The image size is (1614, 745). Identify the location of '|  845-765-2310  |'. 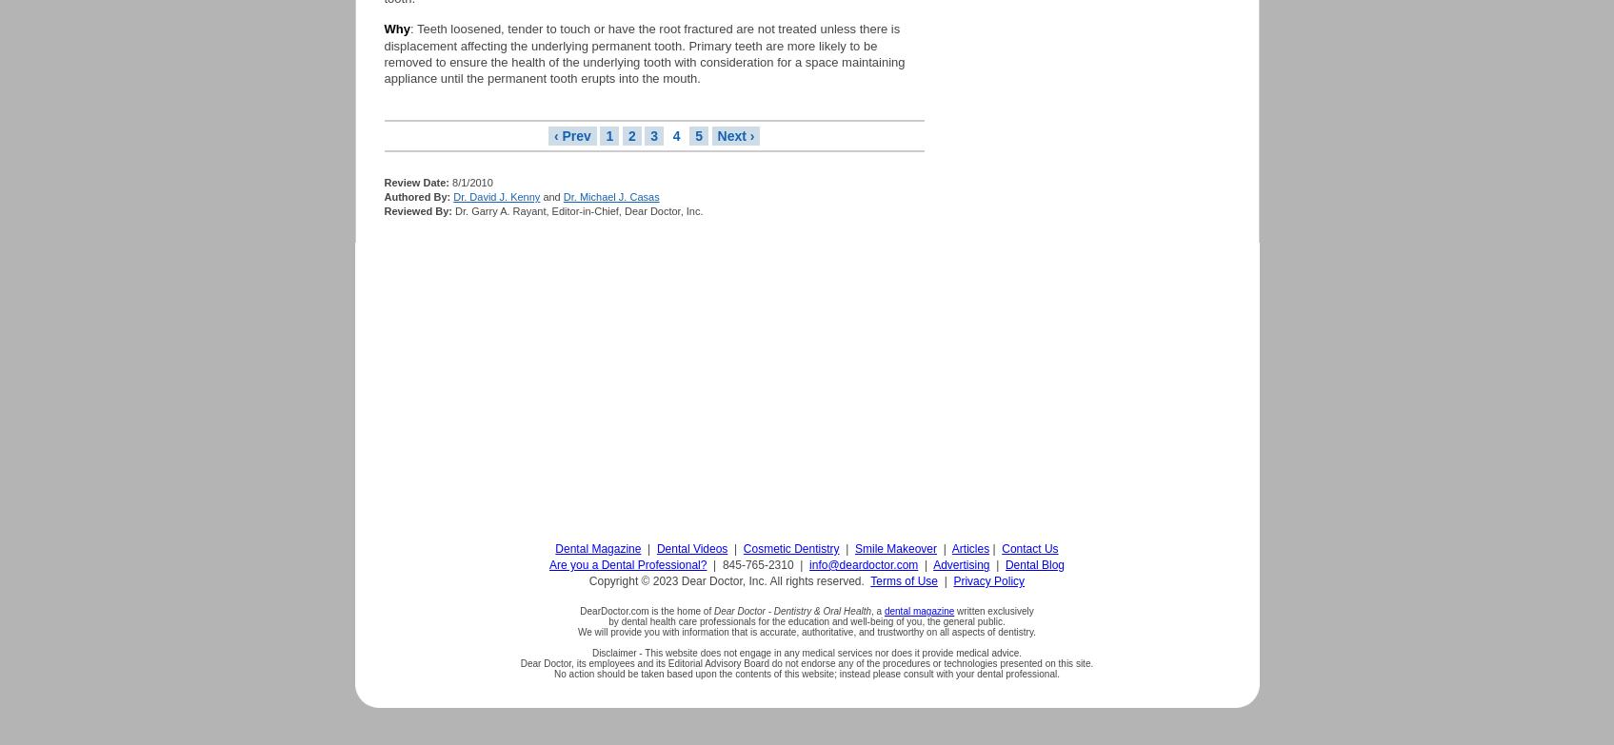
(757, 563).